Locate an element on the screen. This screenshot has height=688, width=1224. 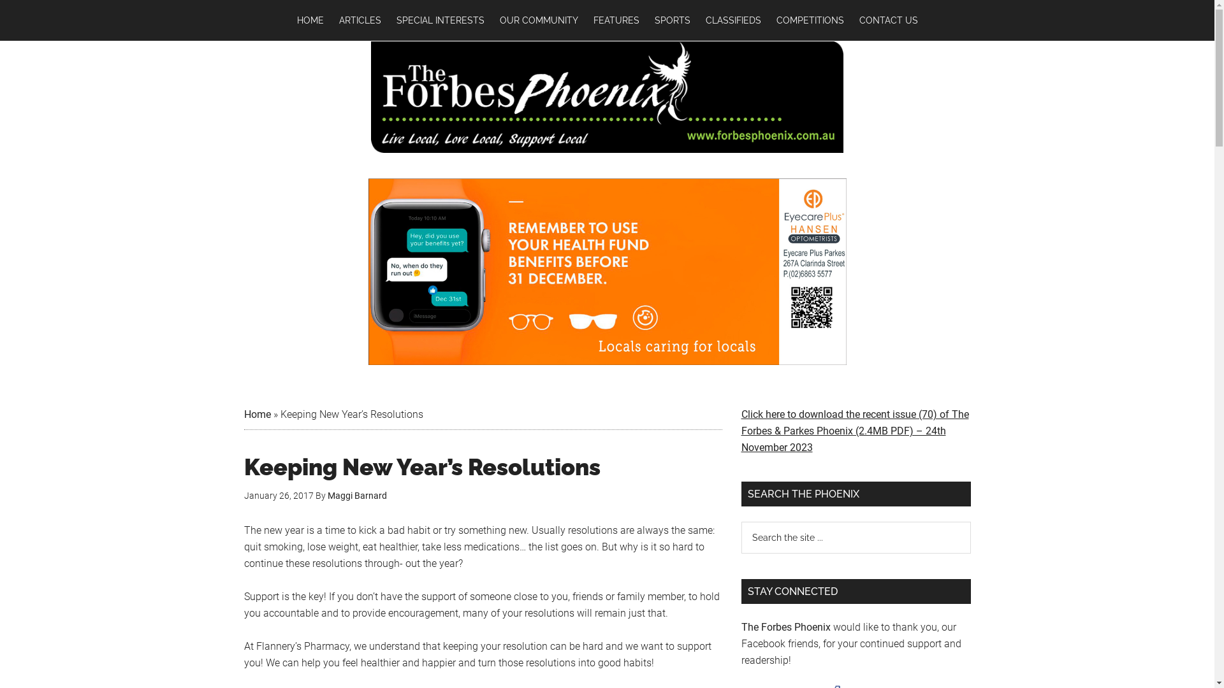
'SPECIAL INTERESTS' is located at coordinates (441, 20).